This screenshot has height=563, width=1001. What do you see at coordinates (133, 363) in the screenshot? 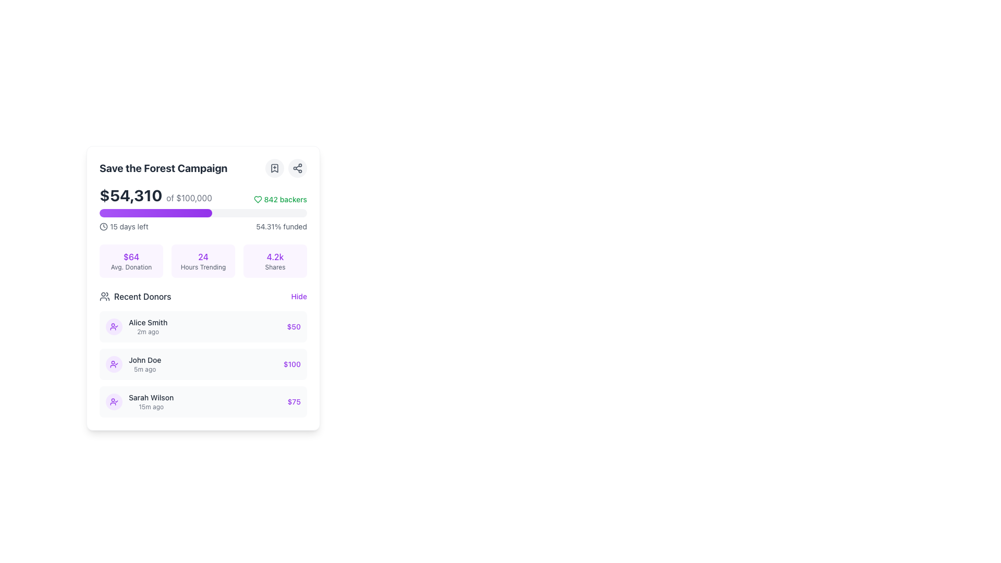
I see `the List item representing the donor's entry for 'John Doe', which includes a purple user profile icon and a timestamp '5m ago'. This is the second row in the 'Recent Donors' section` at bounding box center [133, 363].